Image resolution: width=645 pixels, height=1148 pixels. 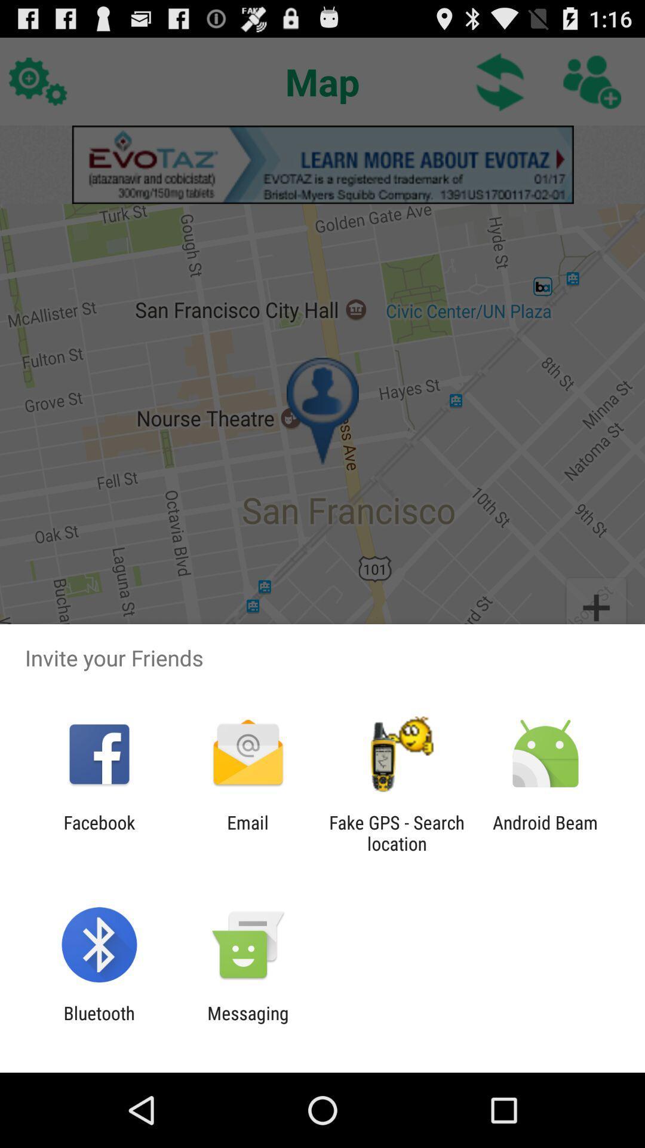 What do you see at coordinates (247, 1023) in the screenshot?
I see `the icon next to the bluetooth icon` at bounding box center [247, 1023].